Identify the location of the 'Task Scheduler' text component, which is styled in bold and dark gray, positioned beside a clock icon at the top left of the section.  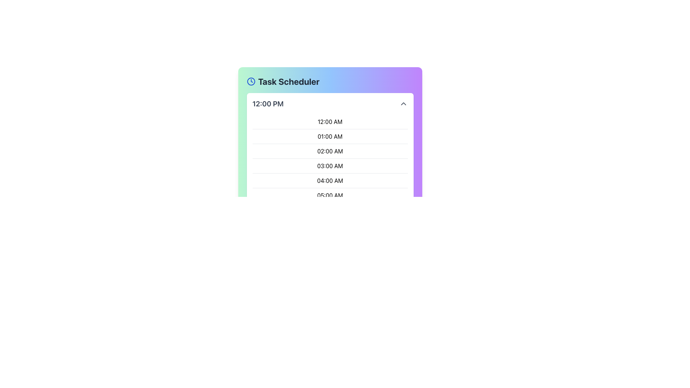
(289, 81).